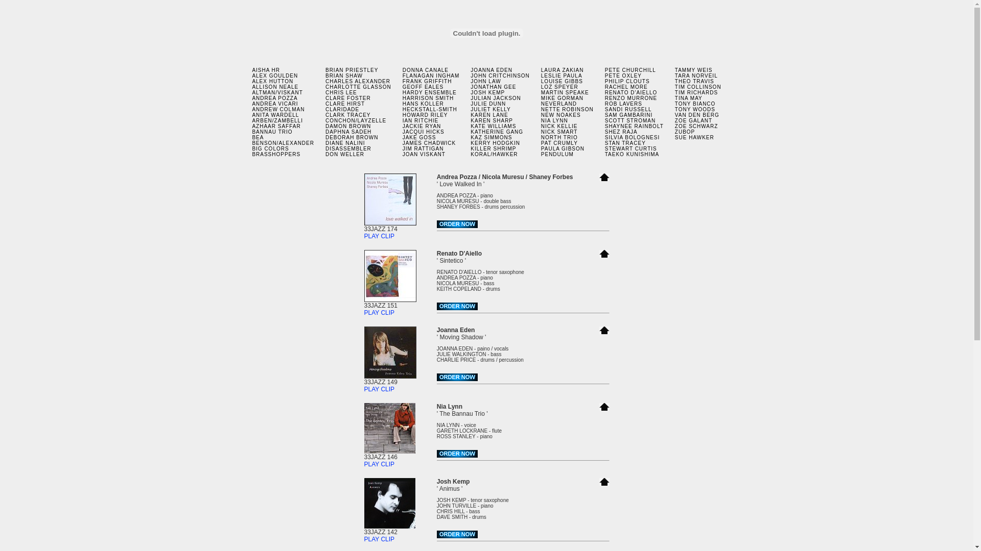 This screenshot has width=981, height=551. I want to click on 'VAN DEN BERG', so click(696, 115).